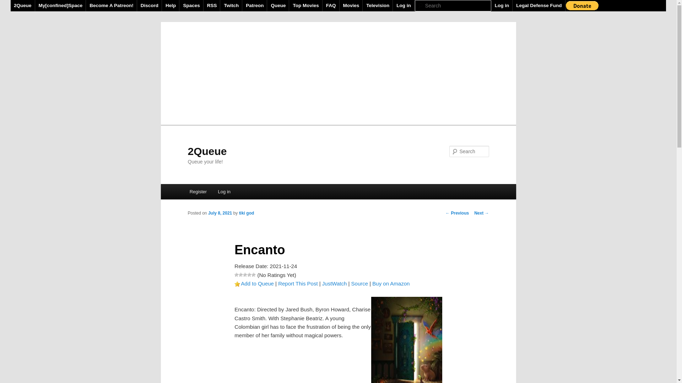 The image size is (682, 383). I want to click on 'Skip to secondary content', so click(224, 193).